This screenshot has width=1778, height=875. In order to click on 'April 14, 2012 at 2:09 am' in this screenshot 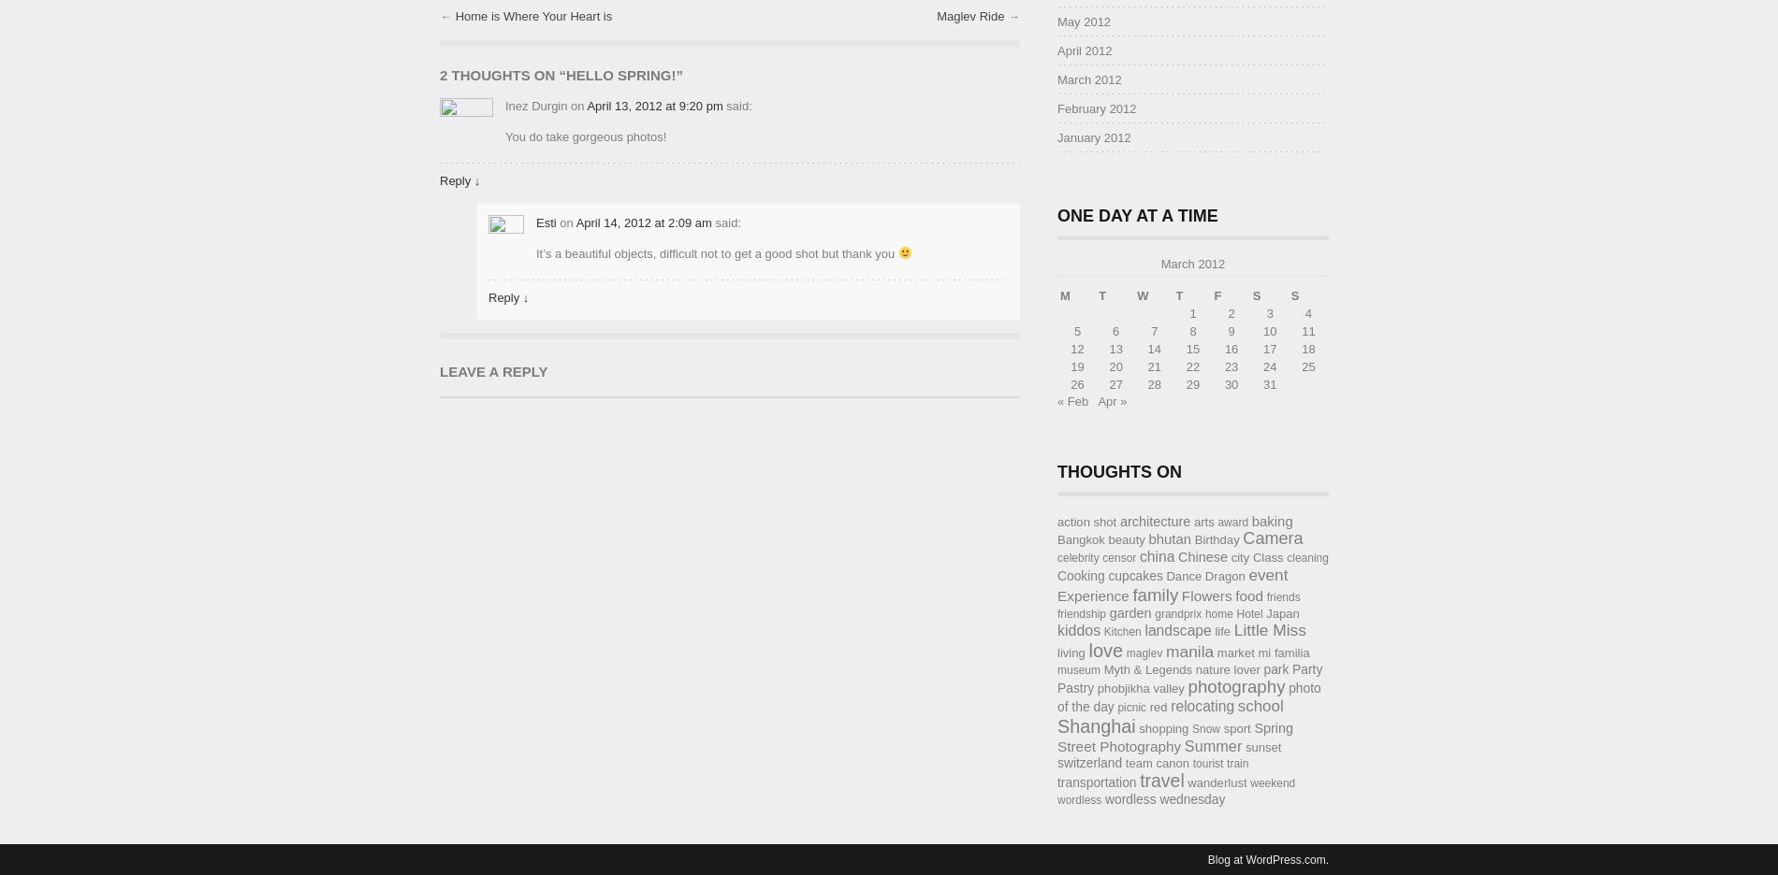, I will do `click(643, 221)`.